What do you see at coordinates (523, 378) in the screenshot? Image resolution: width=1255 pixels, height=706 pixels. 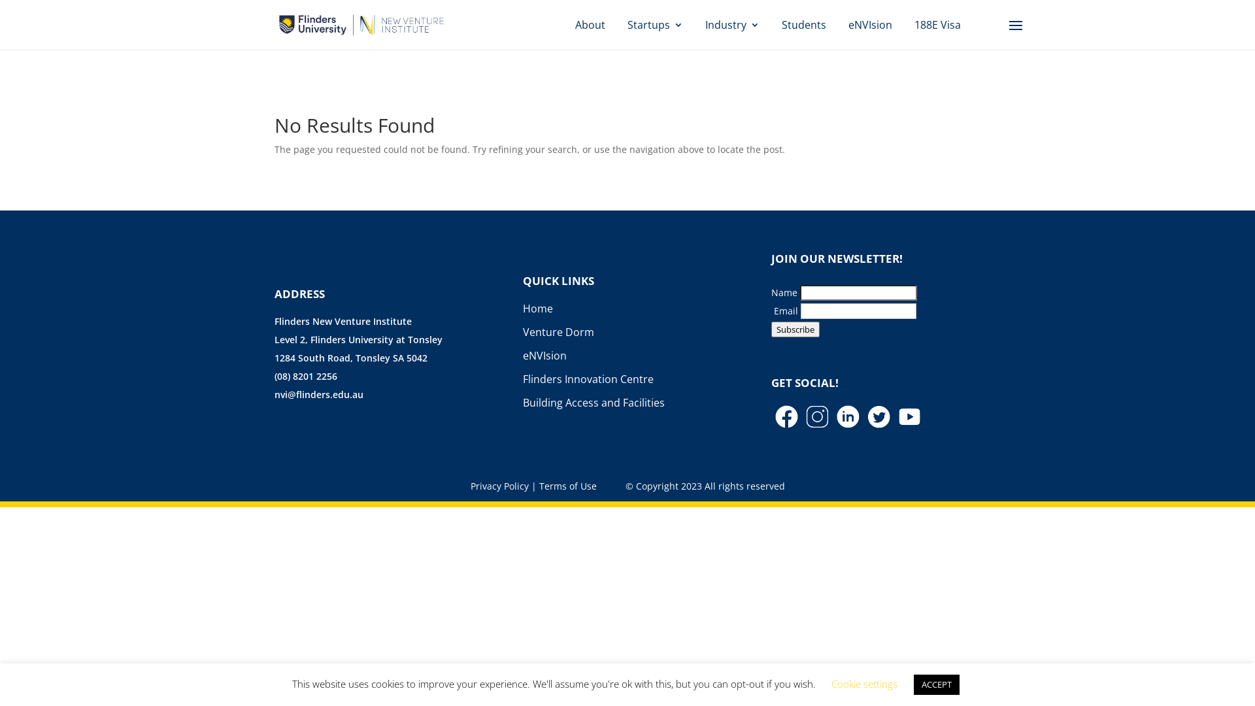 I see `'Flinders Innovation Centre'` at bounding box center [523, 378].